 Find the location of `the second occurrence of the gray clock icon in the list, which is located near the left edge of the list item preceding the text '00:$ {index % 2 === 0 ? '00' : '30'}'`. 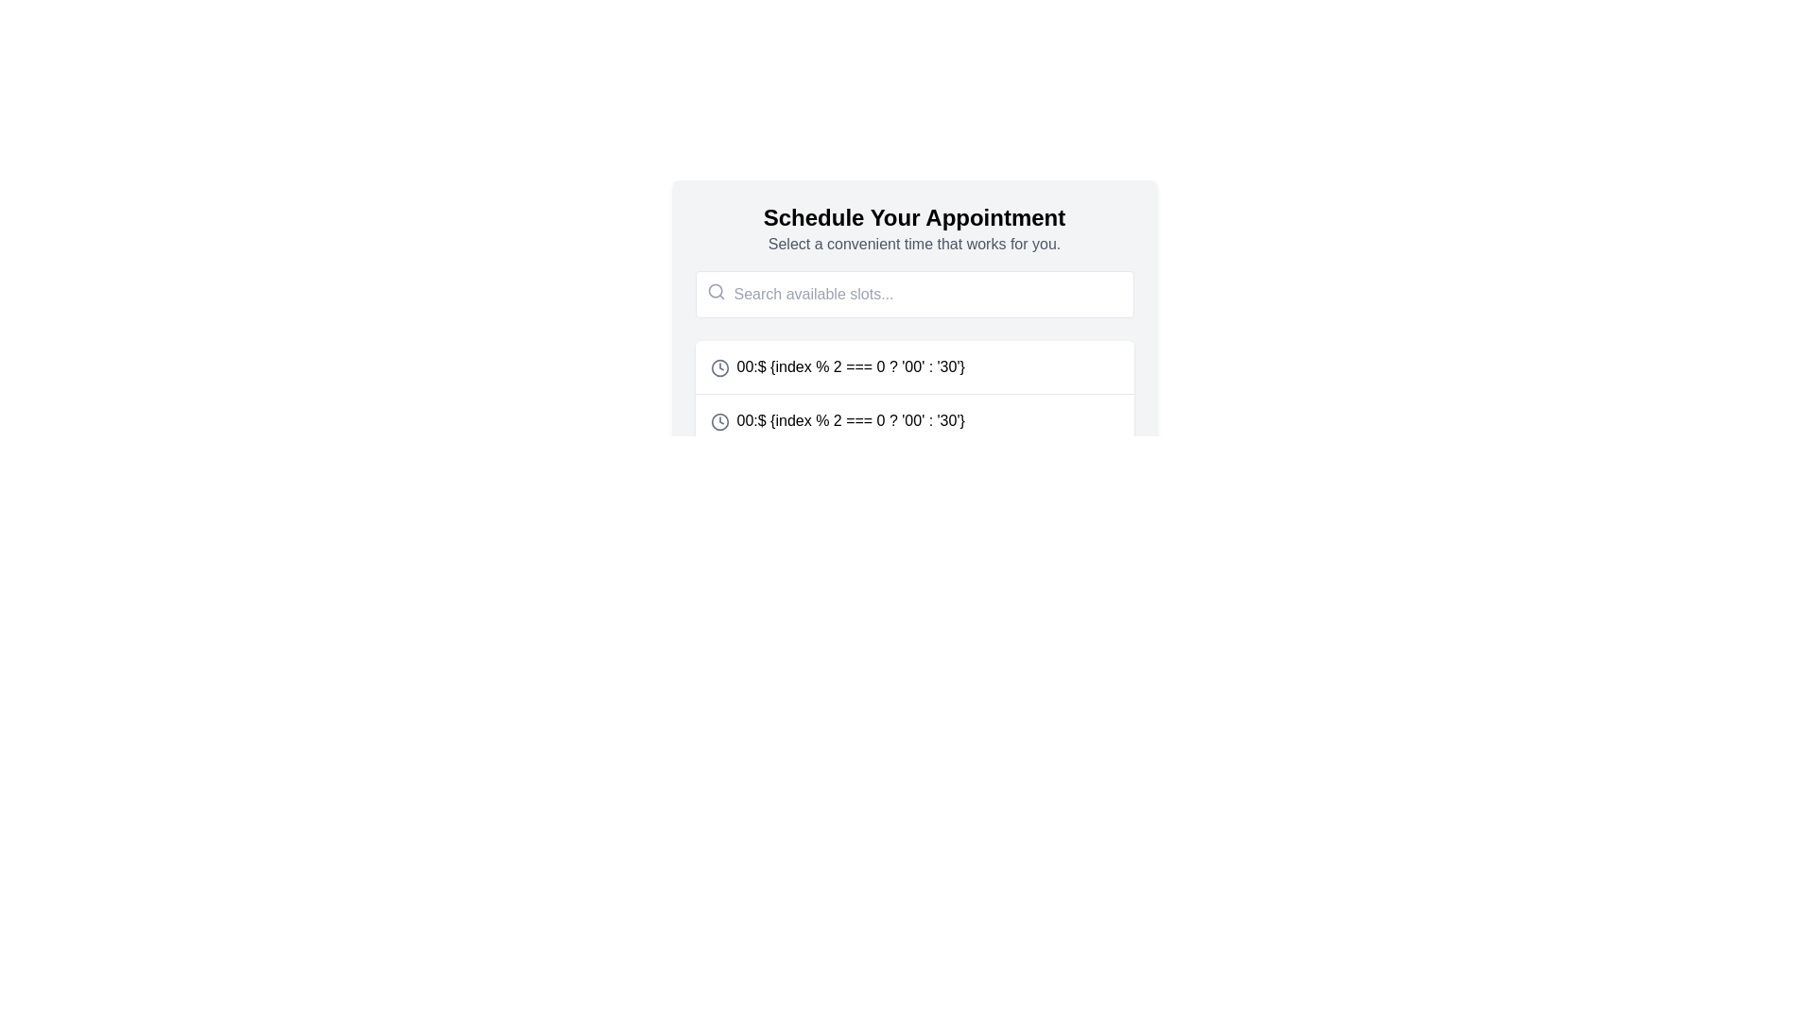

the second occurrence of the gray clock icon in the list, which is located near the left edge of the list item preceding the text '00:$ {index % 2 === 0 ? '00' : '30'}' is located at coordinates (718, 420).